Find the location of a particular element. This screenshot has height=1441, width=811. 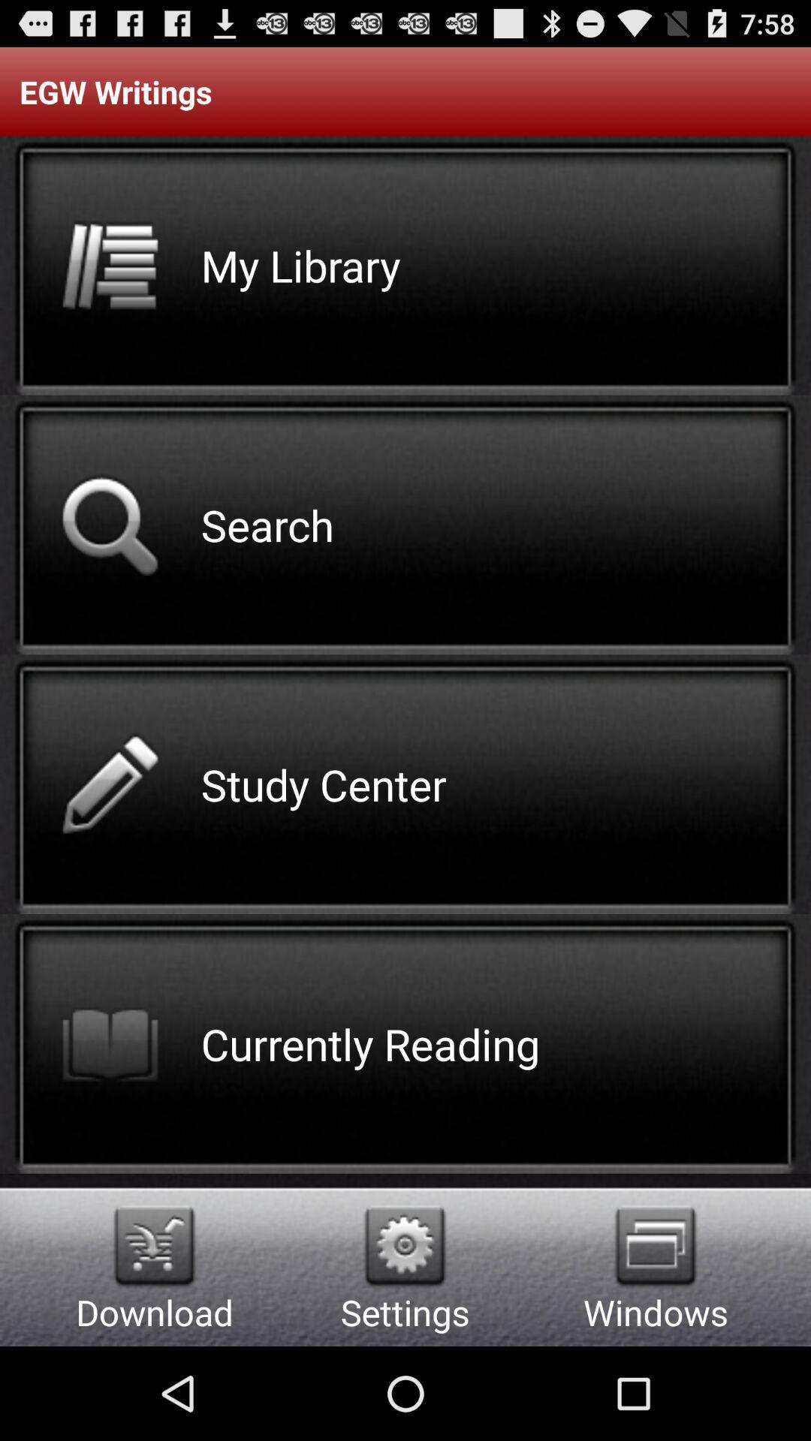

the icon to the left of the windows icon is located at coordinates (404, 1246).